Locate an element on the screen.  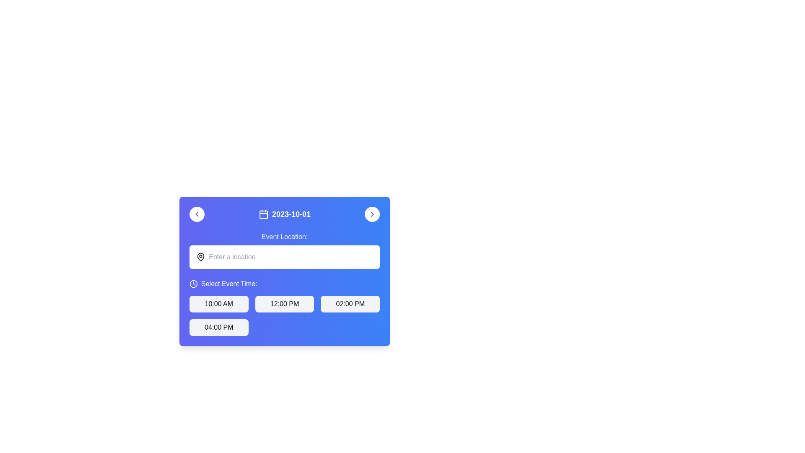
the selectable time options in the interactive grid layout under 'Select Event Time' is located at coordinates (284, 315).